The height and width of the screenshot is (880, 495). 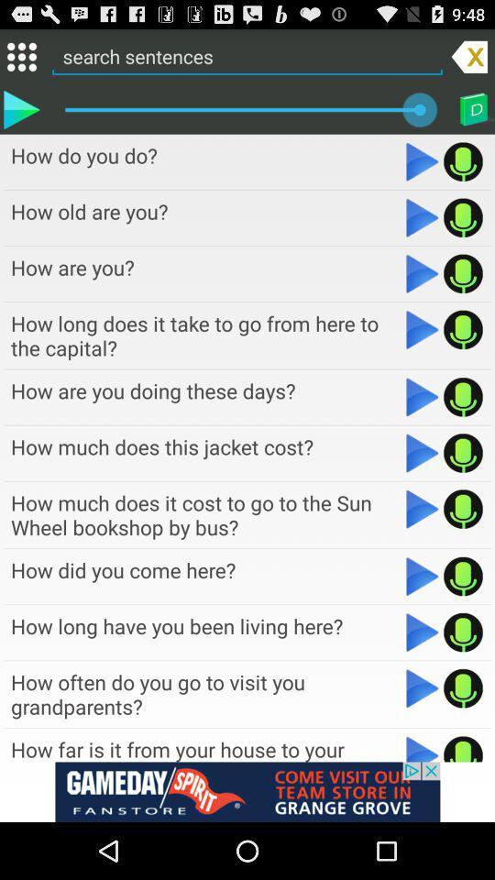 I want to click on button, so click(x=423, y=160).